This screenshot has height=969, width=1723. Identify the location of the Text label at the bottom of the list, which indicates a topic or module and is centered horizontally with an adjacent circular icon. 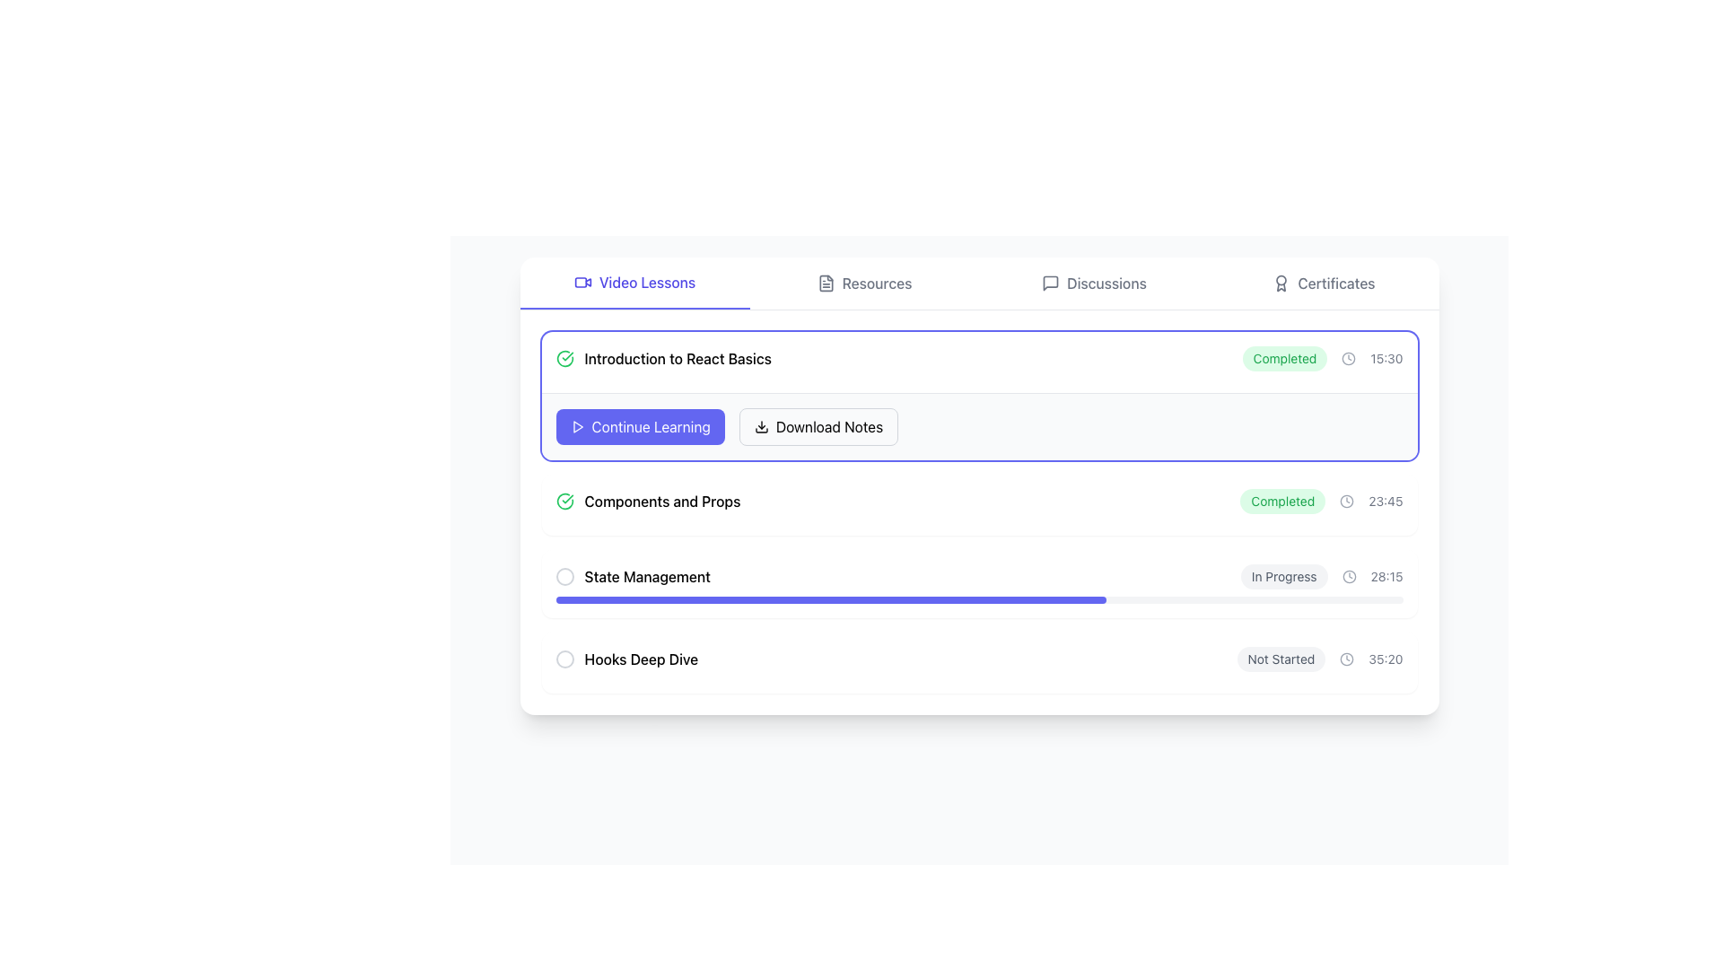
(641, 659).